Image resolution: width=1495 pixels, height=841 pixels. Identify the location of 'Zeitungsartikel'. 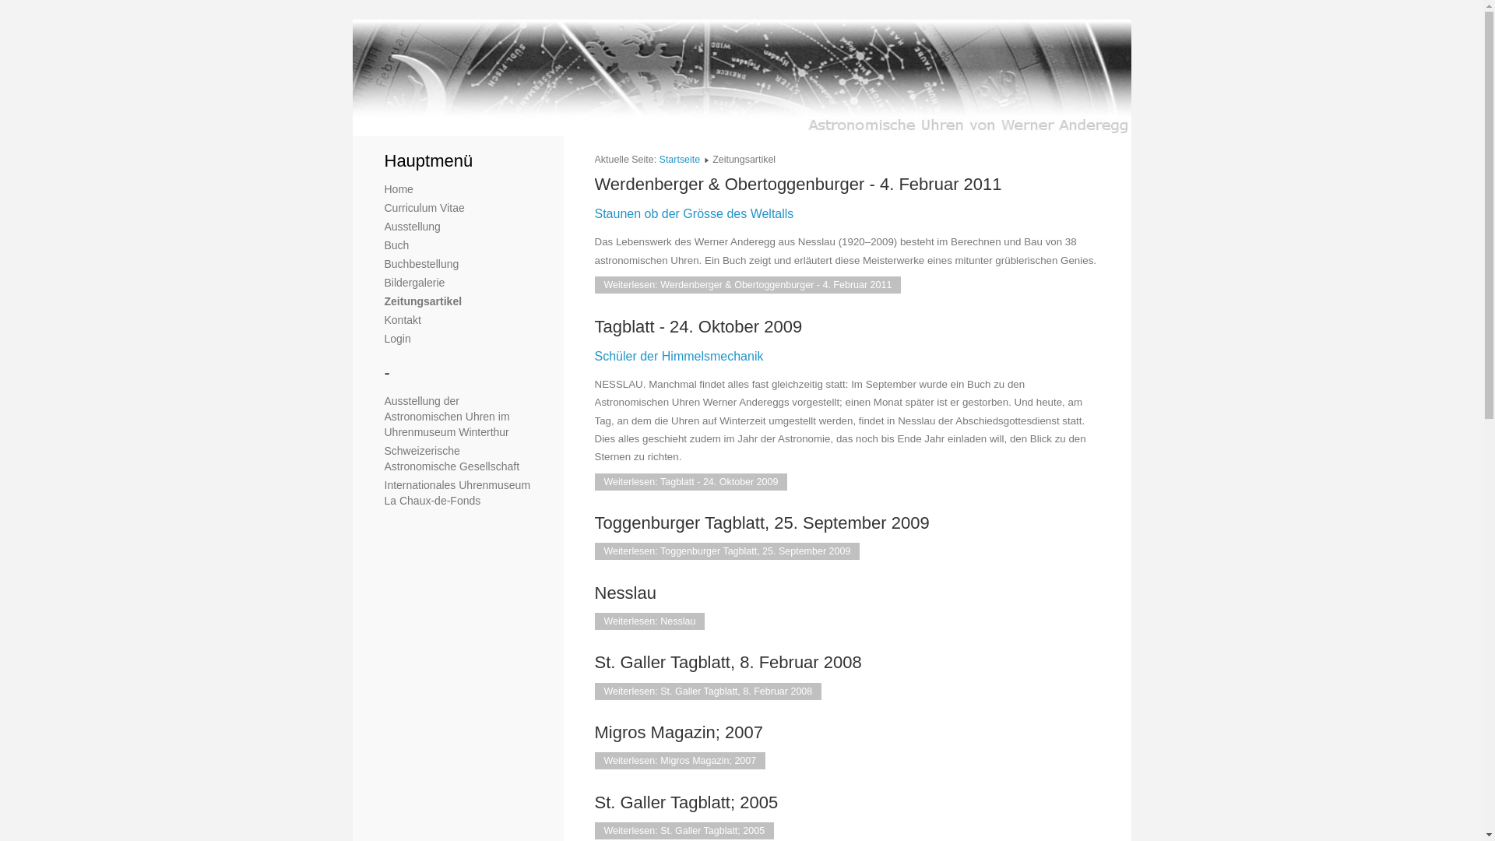
(423, 301).